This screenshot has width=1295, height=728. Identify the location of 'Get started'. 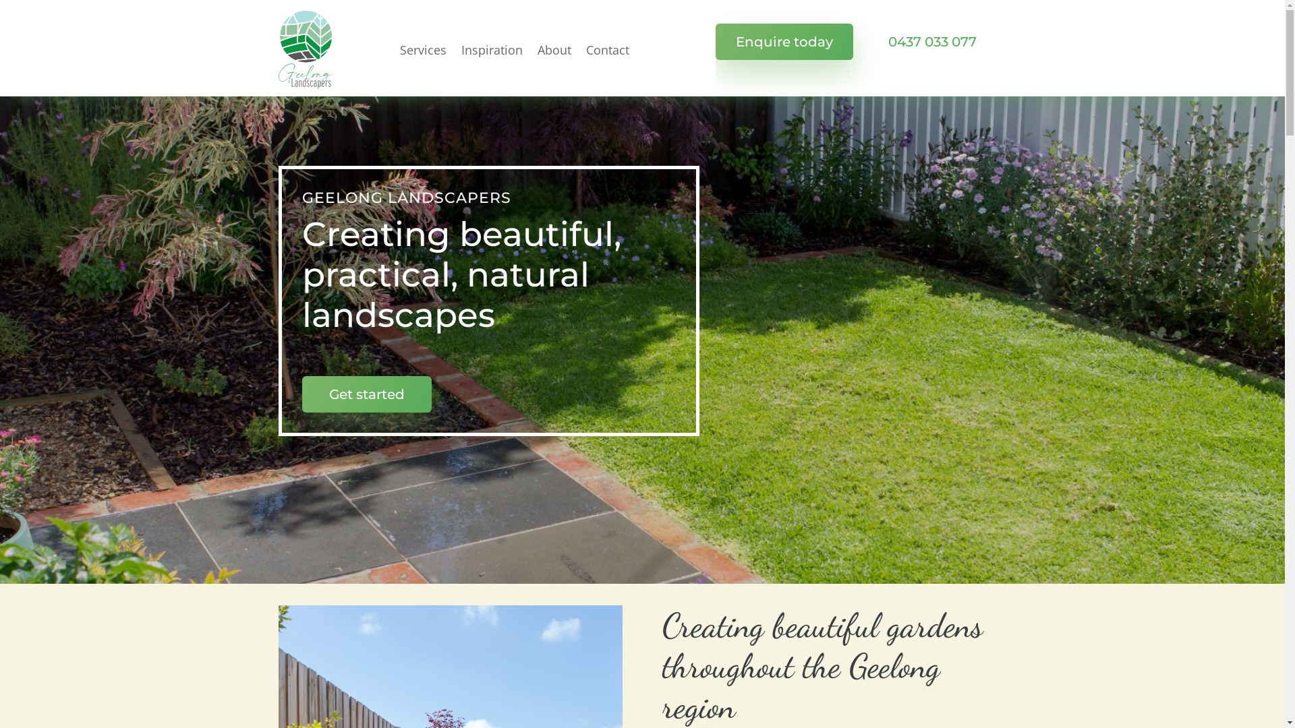
(366, 394).